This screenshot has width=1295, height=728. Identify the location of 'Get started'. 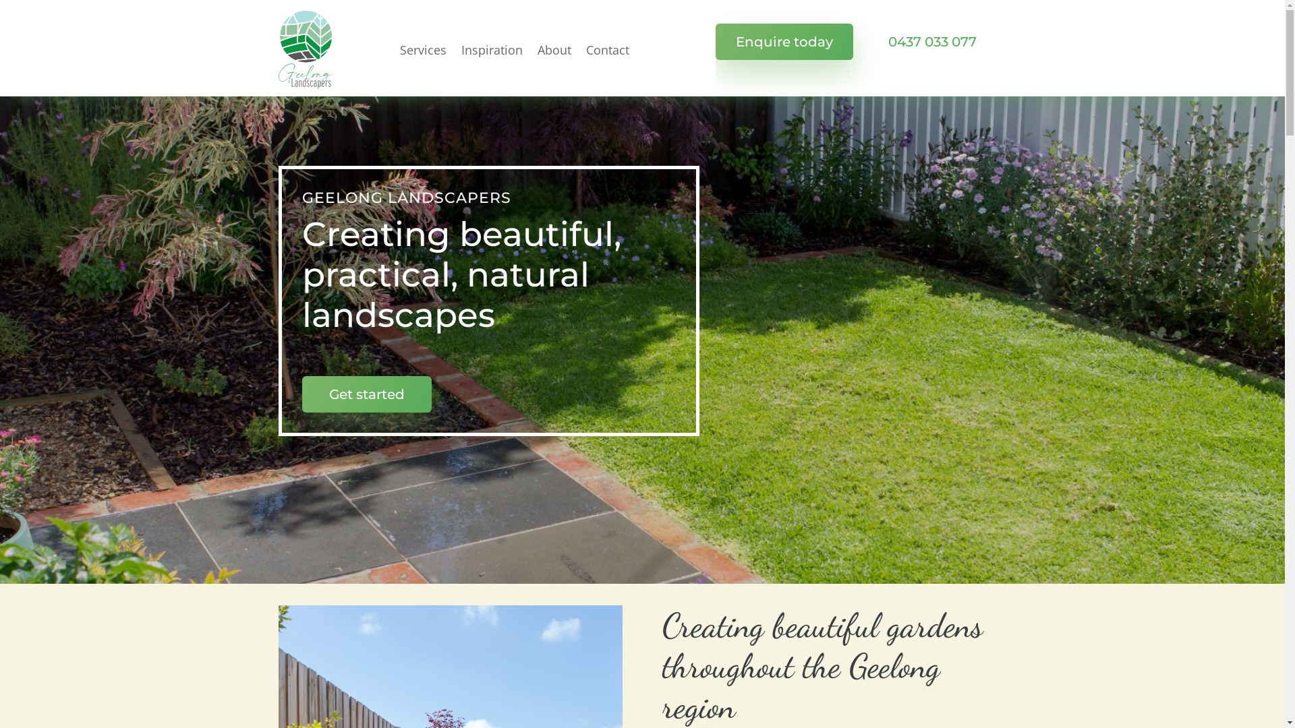
(366, 394).